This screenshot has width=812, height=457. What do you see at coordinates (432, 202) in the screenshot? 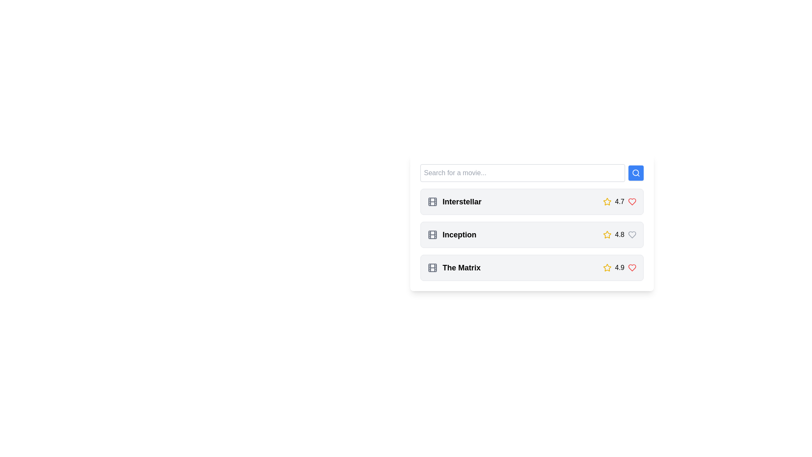
I see `the small rectangle with rounded corners that resembles the body of a filmstrip icon located next to the text 'Interstellar'` at bounding box center [432, 202].